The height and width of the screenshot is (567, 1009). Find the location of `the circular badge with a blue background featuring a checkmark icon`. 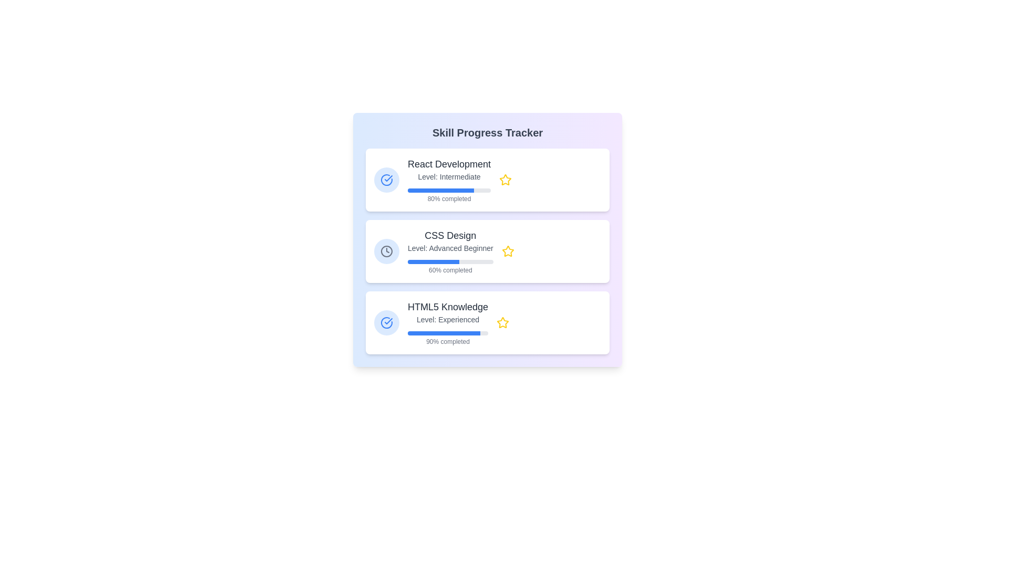

the circular badge with a blue background featuring a checkmark icon is located at coordinates (386, 180).